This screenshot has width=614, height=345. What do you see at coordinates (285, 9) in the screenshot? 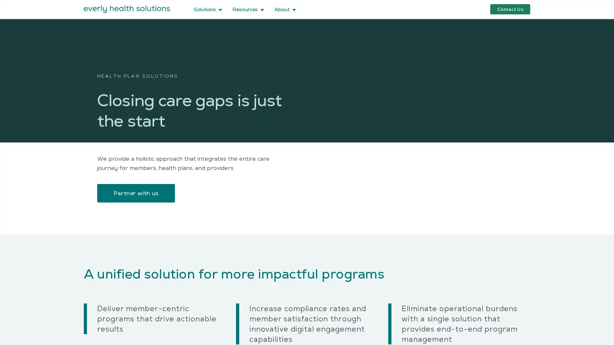
I see `About Caret icon for dropdown menu` at bounding box center [285, 9].